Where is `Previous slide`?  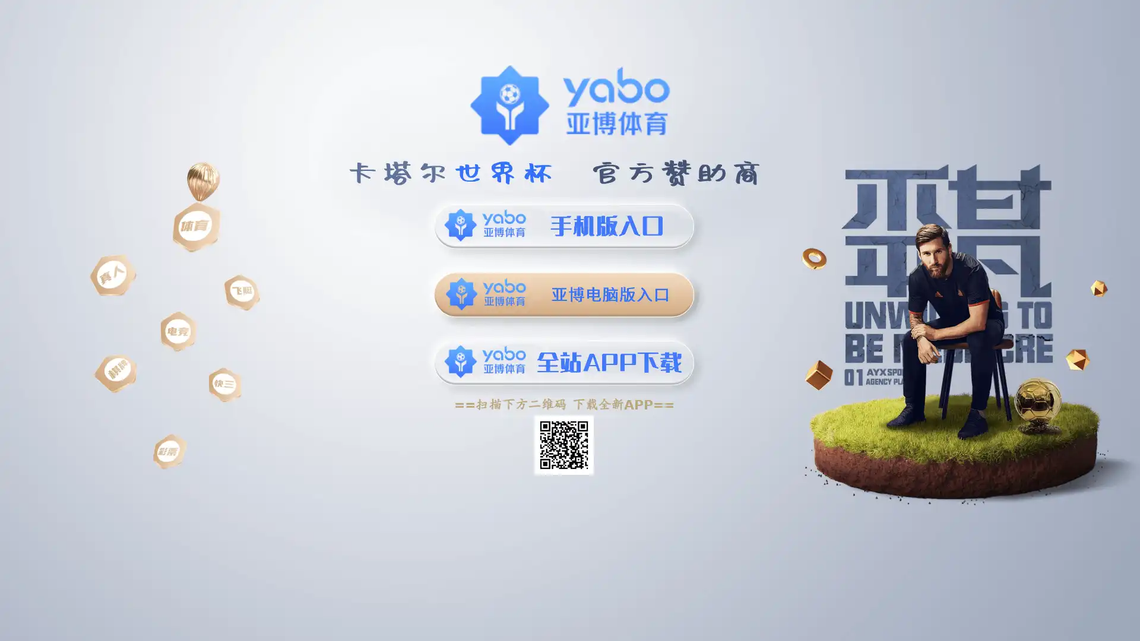 Previous slide is located at coordinates (227, 602).